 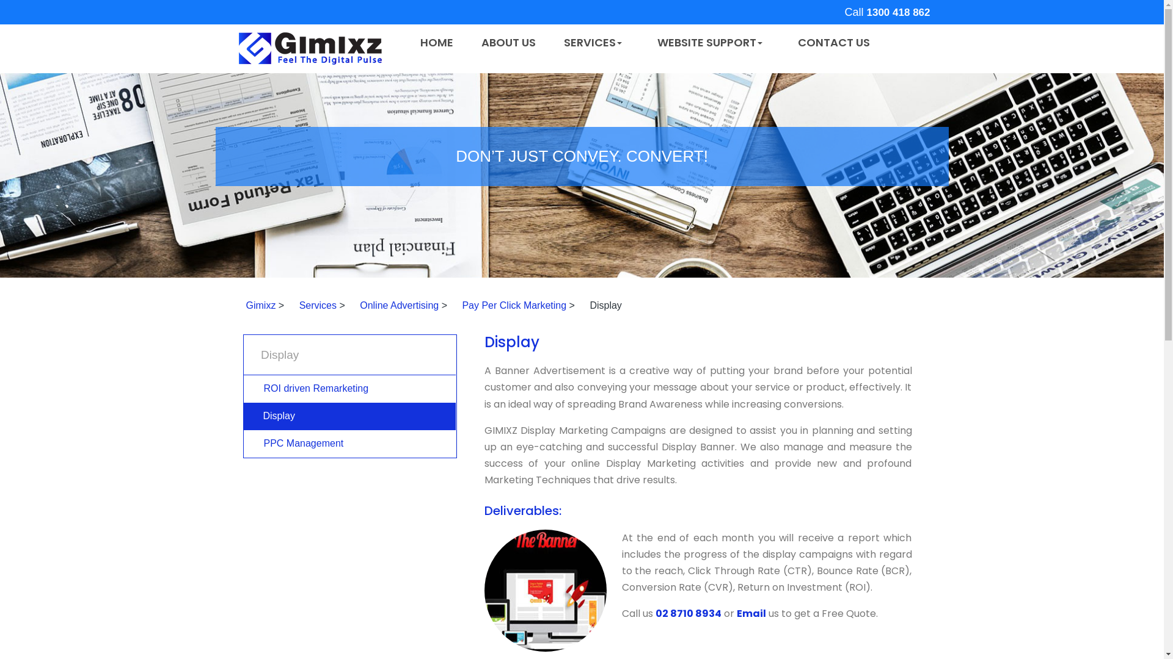 What do you see at coordinates (508, 41) in the screenshot?
I see `'ABOUT US'` at bounding box center [508, 41].